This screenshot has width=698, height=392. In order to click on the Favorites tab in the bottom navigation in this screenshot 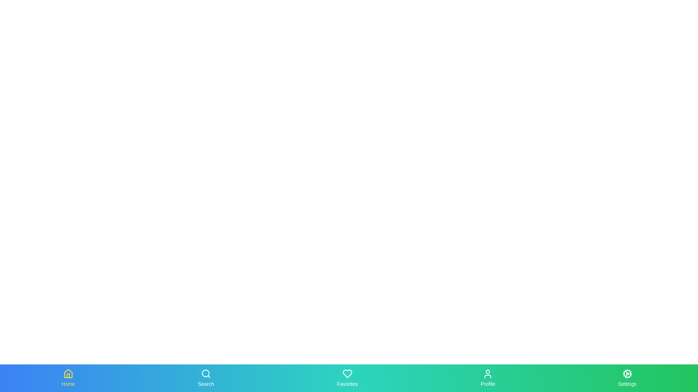, I will do `click(347, 377)`.